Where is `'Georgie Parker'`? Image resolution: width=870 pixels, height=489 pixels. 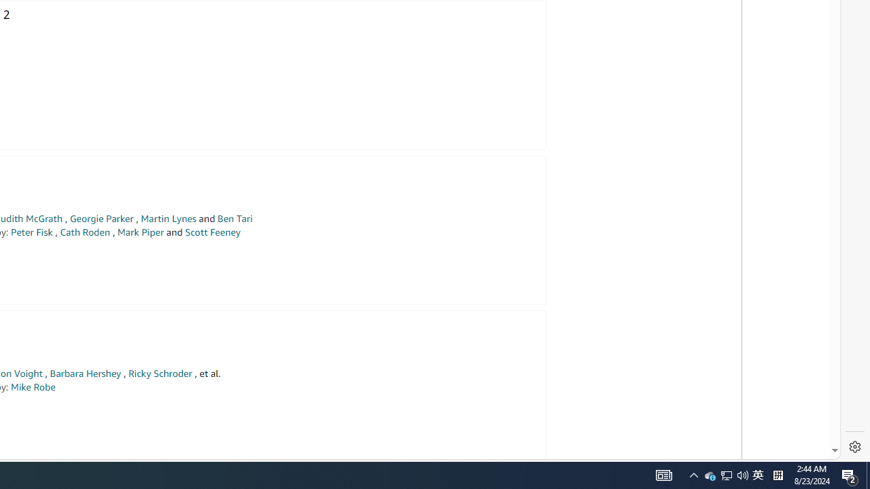 'Georgie Parker' is located at coordinates (101, 218).